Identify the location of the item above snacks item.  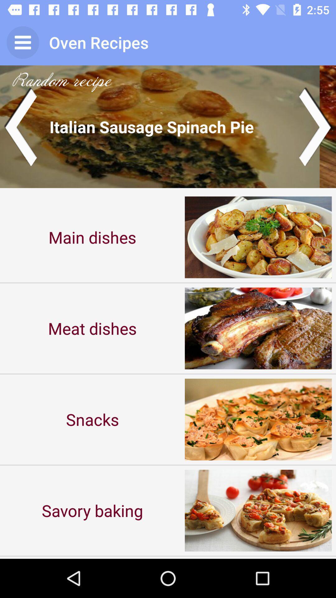
(92, 328).